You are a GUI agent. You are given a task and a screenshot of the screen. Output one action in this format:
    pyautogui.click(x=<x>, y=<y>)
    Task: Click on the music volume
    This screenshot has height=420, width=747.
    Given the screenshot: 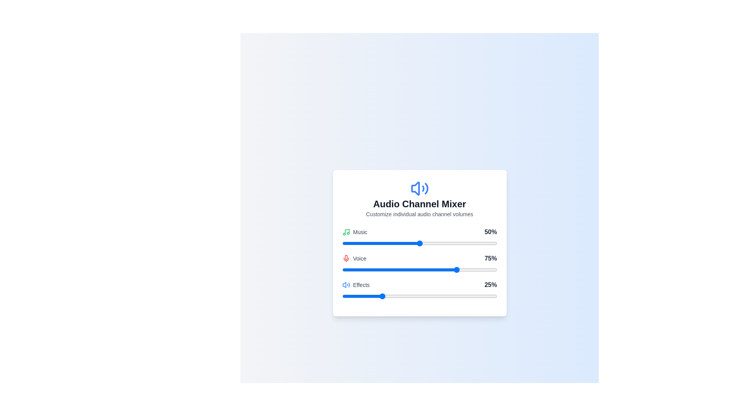 What is the action you would take?
    pyautogui.click(x=470, y=243)
    